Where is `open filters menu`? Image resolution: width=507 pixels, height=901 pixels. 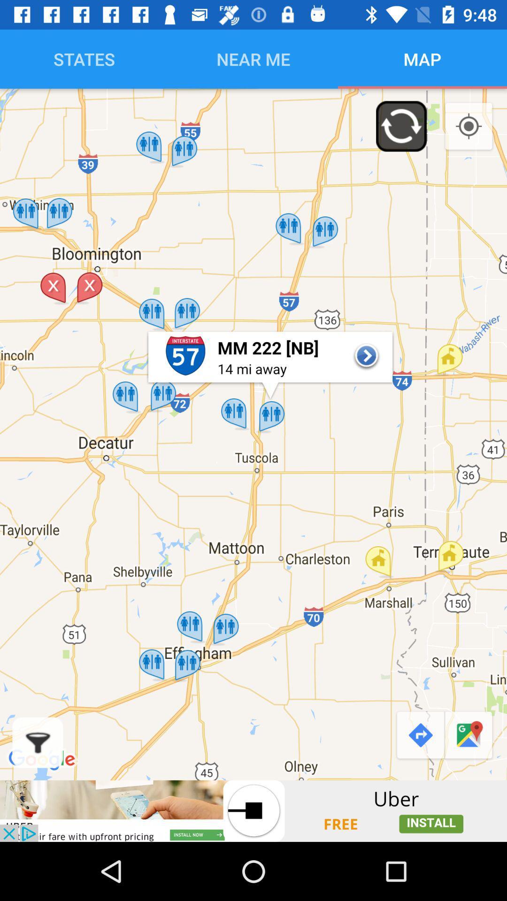
open filters menu is located at coordinates (37, 742).